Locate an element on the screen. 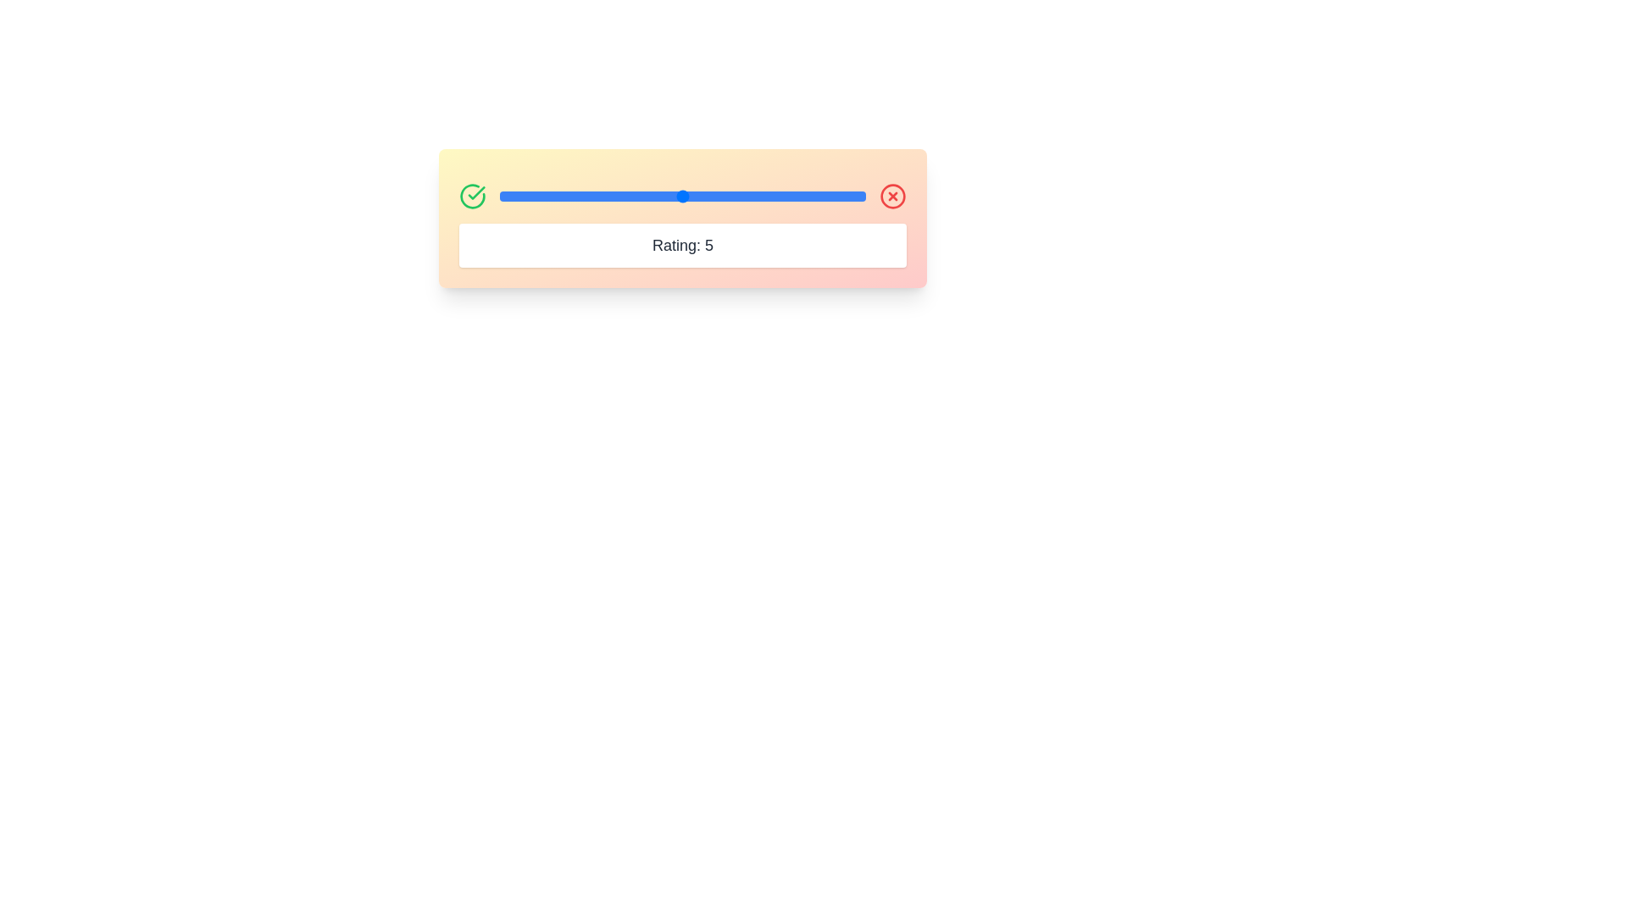 The image size is (1627, 915). the rating is located at coordinates (683, 195).